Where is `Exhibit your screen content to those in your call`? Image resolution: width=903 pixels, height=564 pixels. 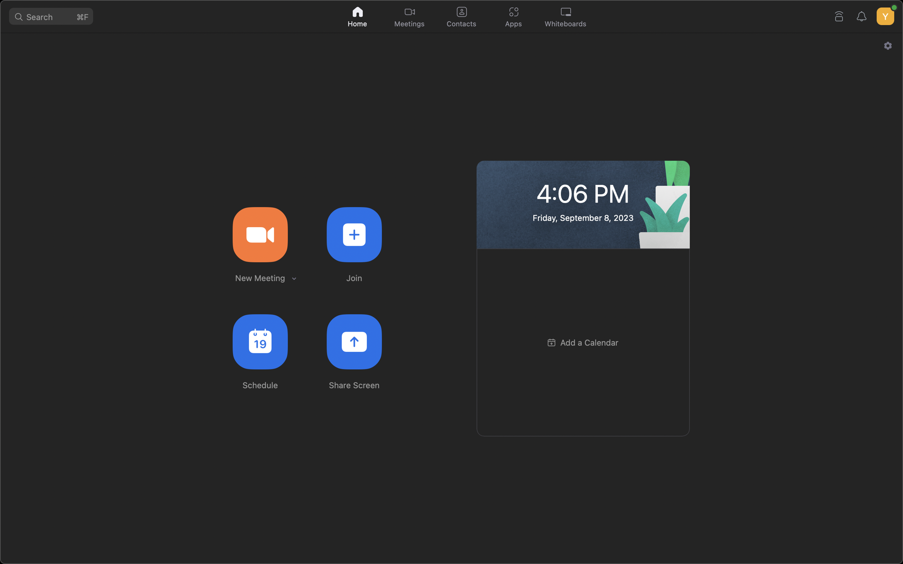
Exhibit your screen content to those in your call is located at coordinates (354, 342).